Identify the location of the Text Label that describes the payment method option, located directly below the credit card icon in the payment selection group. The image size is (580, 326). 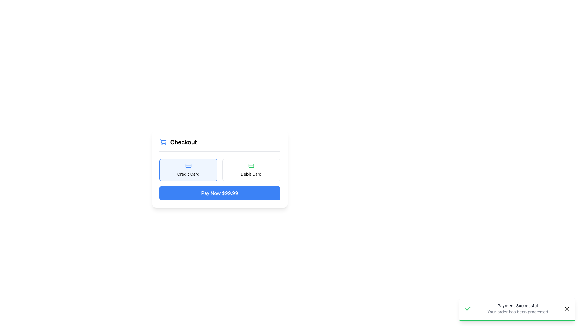
(188, 174).